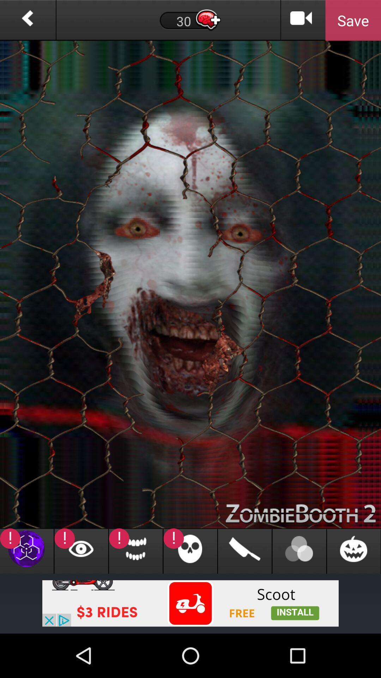  What do you see at coordinates (301, 20) in the screenshot?
I see `video` at bounding box center [301, 20].